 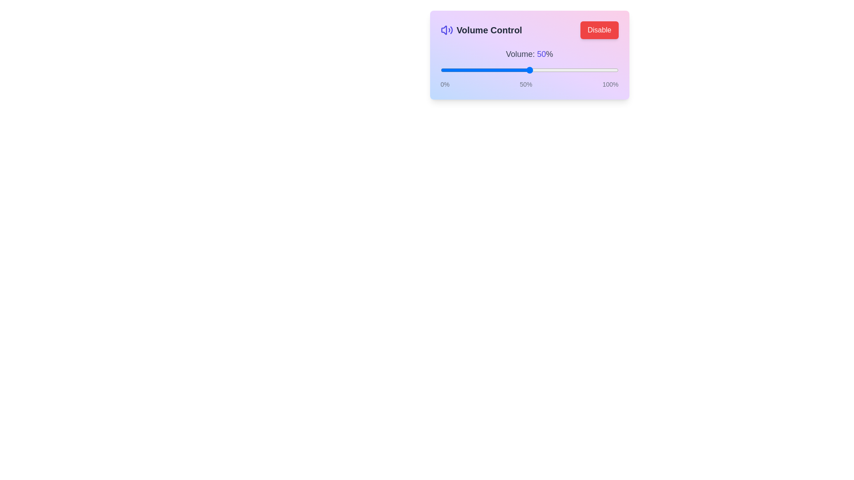 I want to click on the volume, so click(x=508, y=70).